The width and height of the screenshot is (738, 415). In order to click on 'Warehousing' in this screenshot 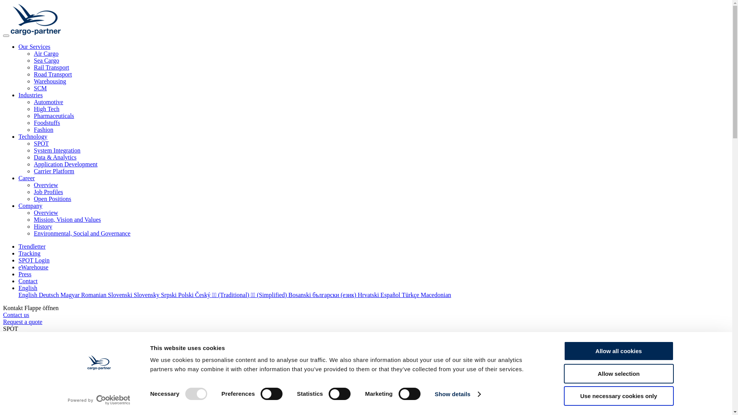, I will do `click(49, 81)`.